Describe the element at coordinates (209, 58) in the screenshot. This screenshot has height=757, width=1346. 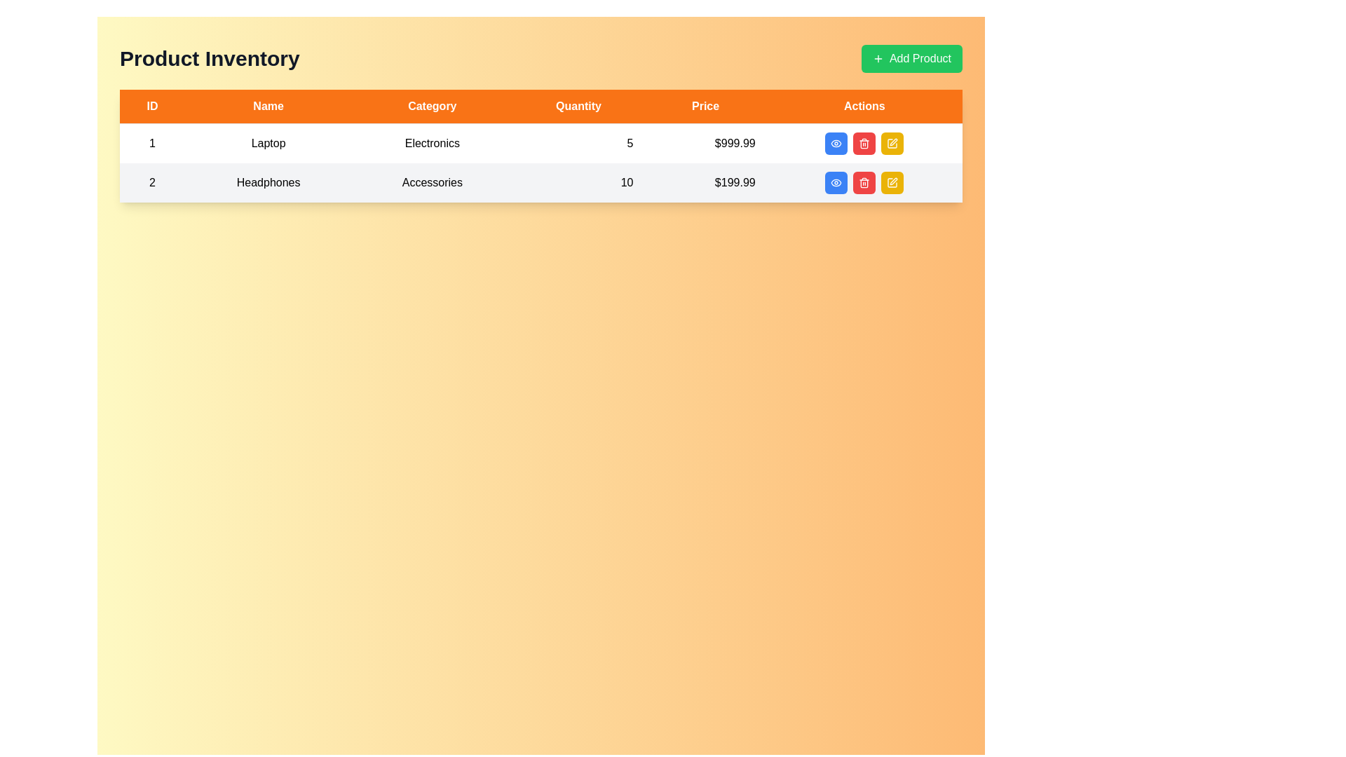
I see `the bold, large-sized text displaying 'Product Inventory' located in the top-left section of the interface` at that location.